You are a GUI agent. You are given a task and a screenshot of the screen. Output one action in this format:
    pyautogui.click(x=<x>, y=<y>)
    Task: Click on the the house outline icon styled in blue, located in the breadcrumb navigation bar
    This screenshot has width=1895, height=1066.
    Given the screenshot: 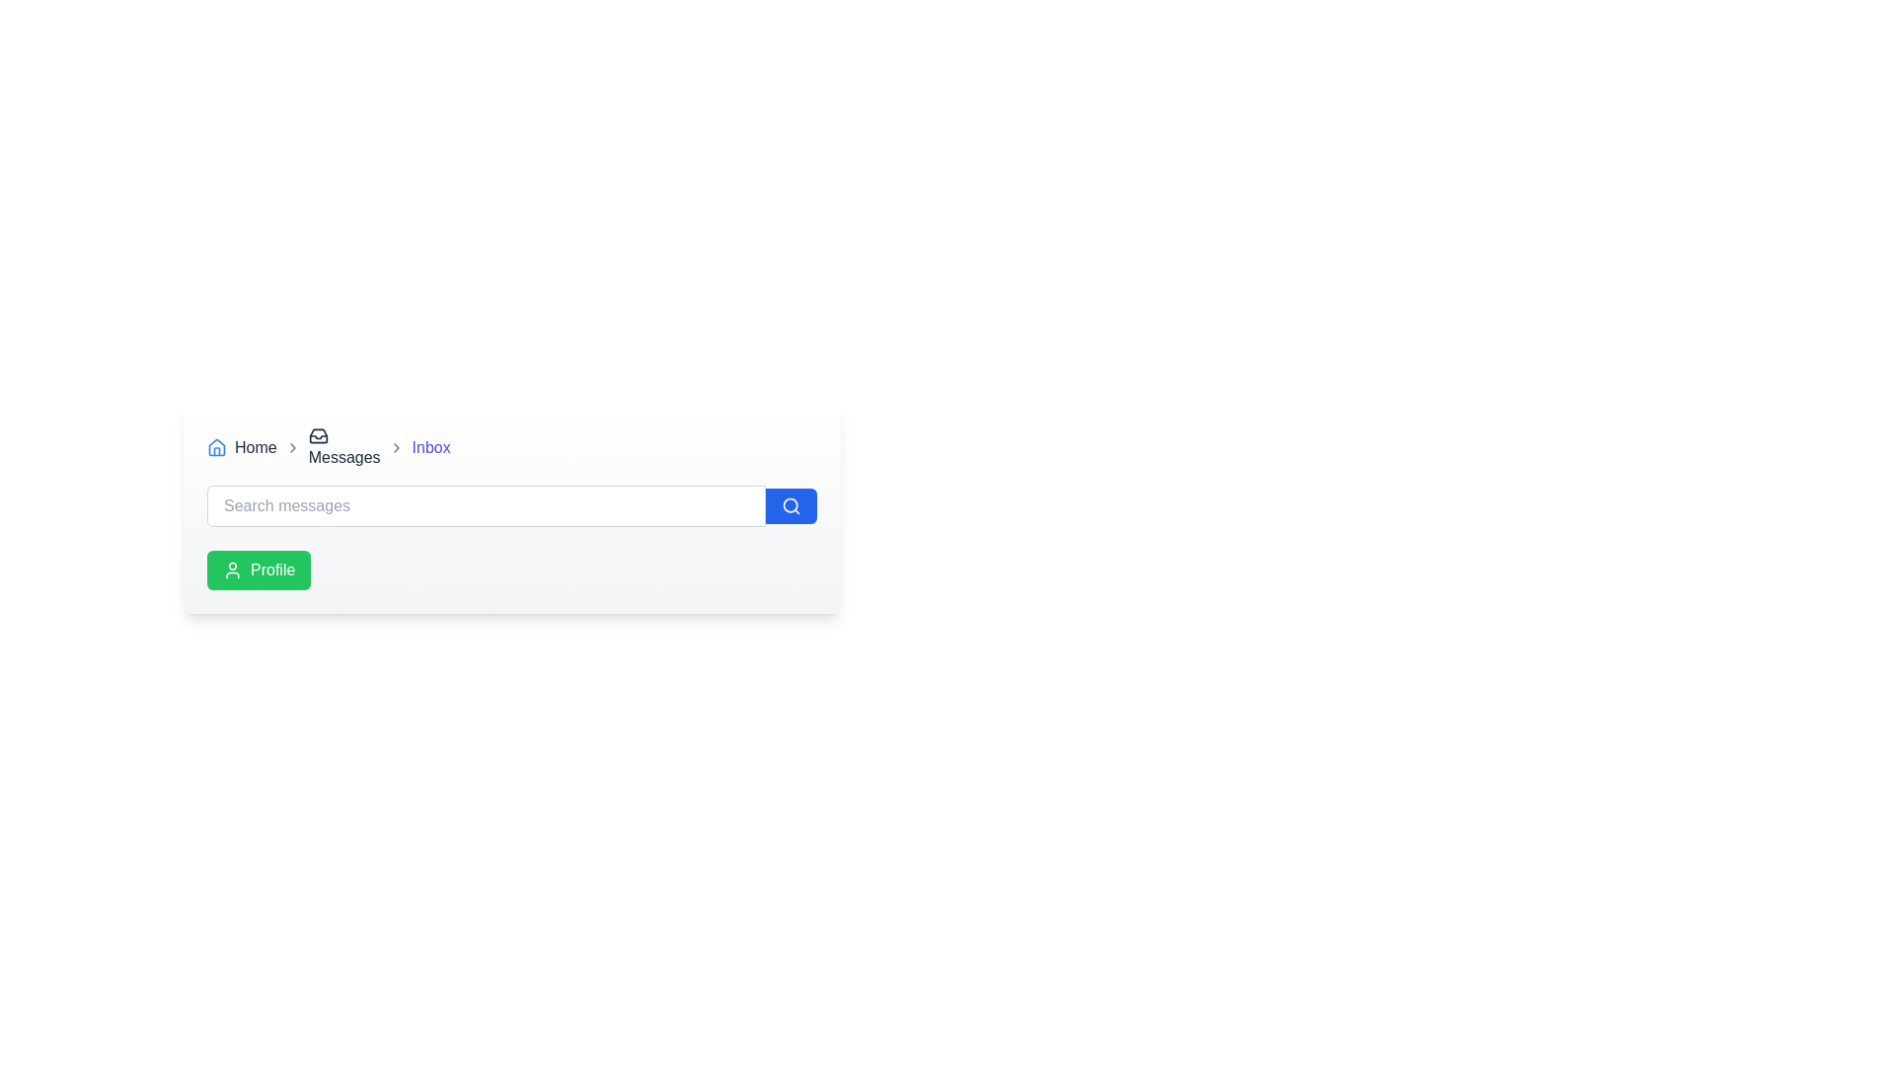 What is the action you would take?
    pyautogui.click(x=217, y=448)
    